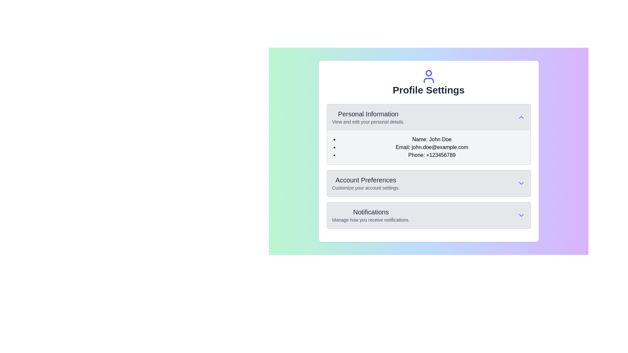  What do you see at coordinates (521, 215) in the screenshot?
I see `the Chevron Indicator icon located at the right end of the Notifications section header` at bounding box center [521, 215].